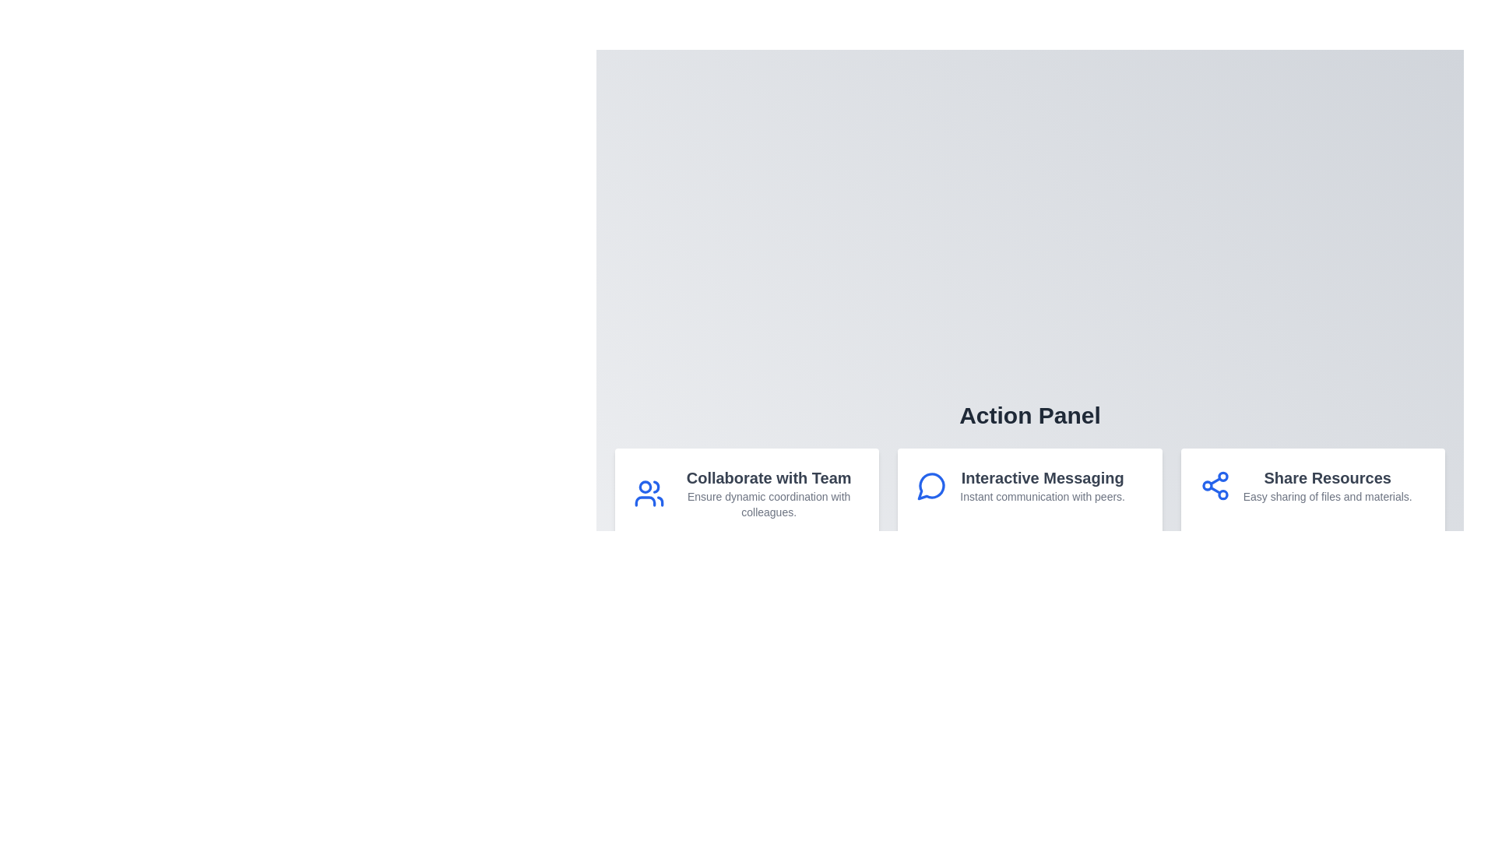 The width and height of the screenshot is (1495, 841). Describe the element at coordinates (1043, 477) in the screenshot. I see `the header text label displaying 'Interactive Messaging' to possibly reveal additional information` at that location.